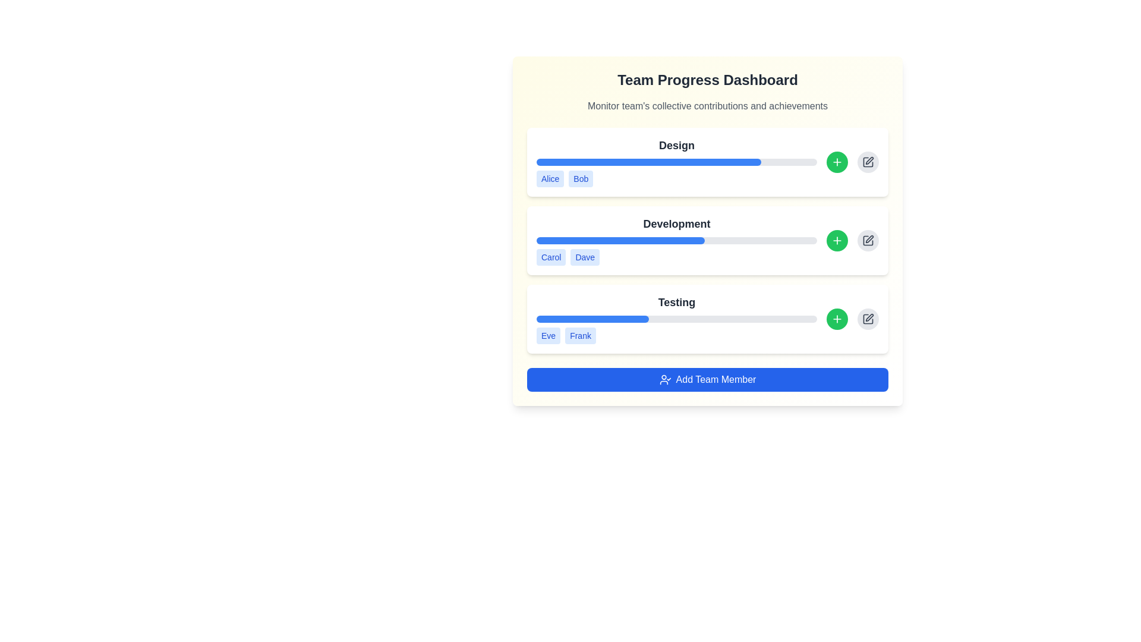  I want to click on the edit button located at the right edge of the 'Design' category block, so click(868, 162).